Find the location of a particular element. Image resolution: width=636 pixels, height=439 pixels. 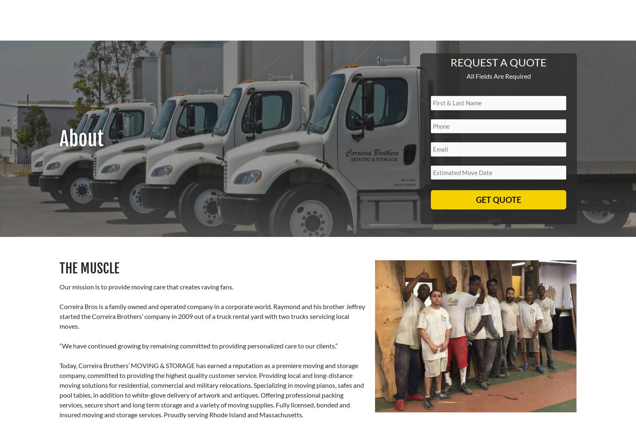

'Home' is located at coordinates (370, 30).